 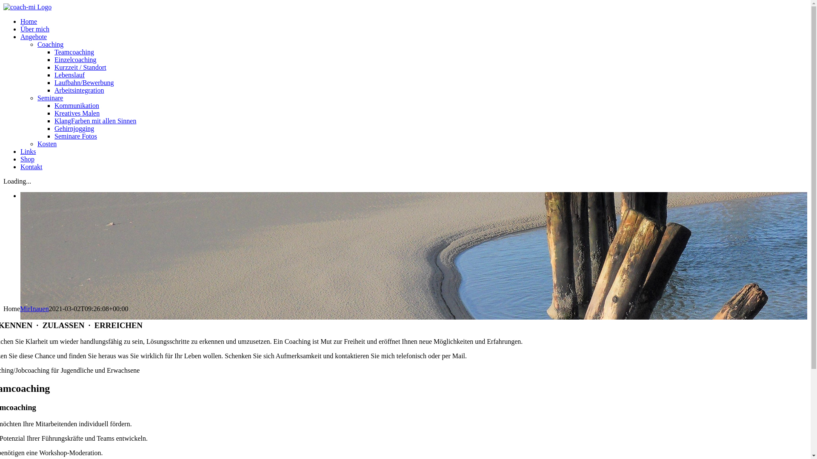 I want to click on 'Lebenslauf', so click(x=69, y=74).